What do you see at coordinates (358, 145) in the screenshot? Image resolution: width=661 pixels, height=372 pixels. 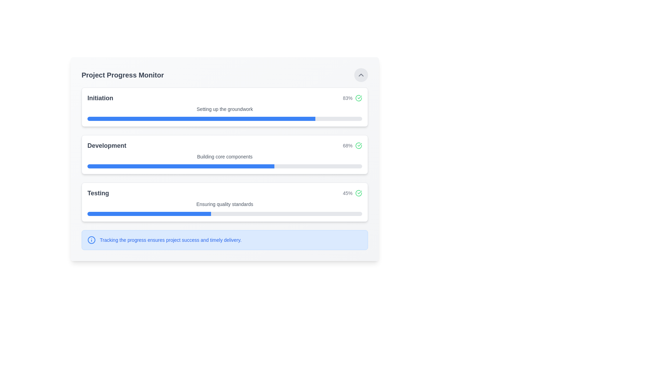 I see `the graphical element representing the 'Development' progress, located near the percentage indicator of '68%' in the SVG canvas` at bounding box center [358, 145].